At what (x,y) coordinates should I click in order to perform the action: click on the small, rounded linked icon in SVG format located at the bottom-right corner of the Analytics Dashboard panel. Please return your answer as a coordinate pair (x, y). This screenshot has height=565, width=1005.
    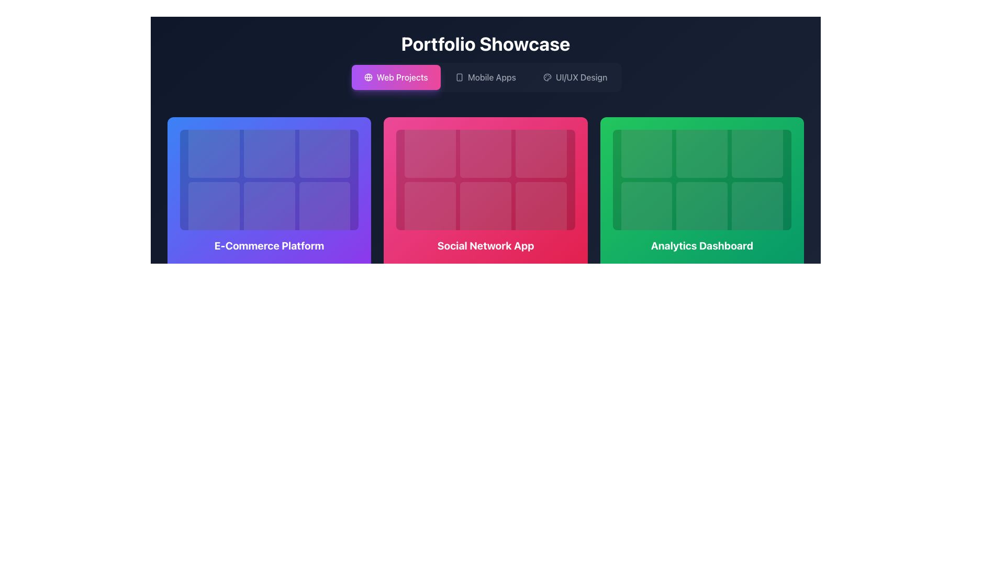
    Looking at the image, I should click on (762, 267).